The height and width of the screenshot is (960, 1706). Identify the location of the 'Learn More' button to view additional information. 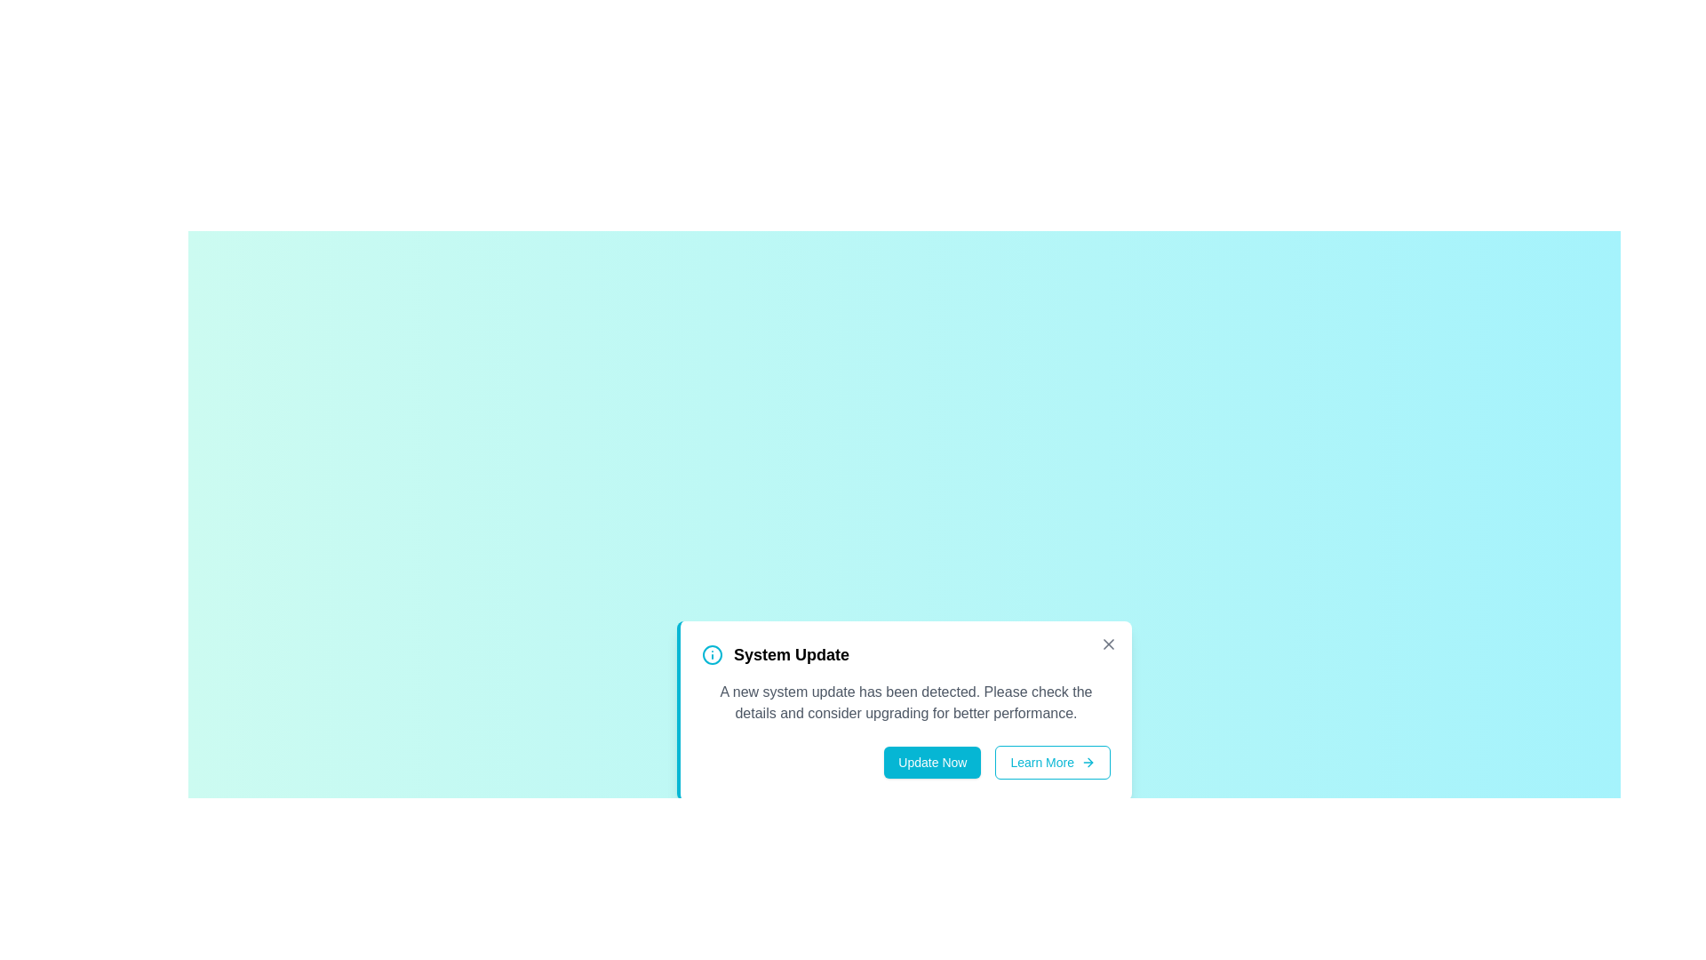
(1053, 761).